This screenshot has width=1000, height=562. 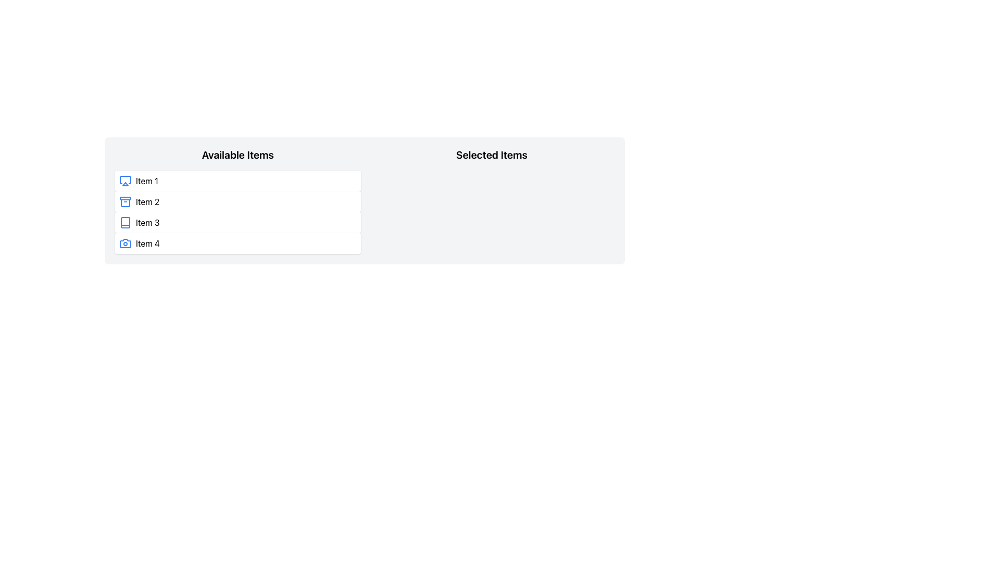 What do you see at coordinates (125, 222) in the screenshot?
I see `the book/document icon associated with 'Item 3' in the 'Available Items' list` at bounding box center [125, 222].